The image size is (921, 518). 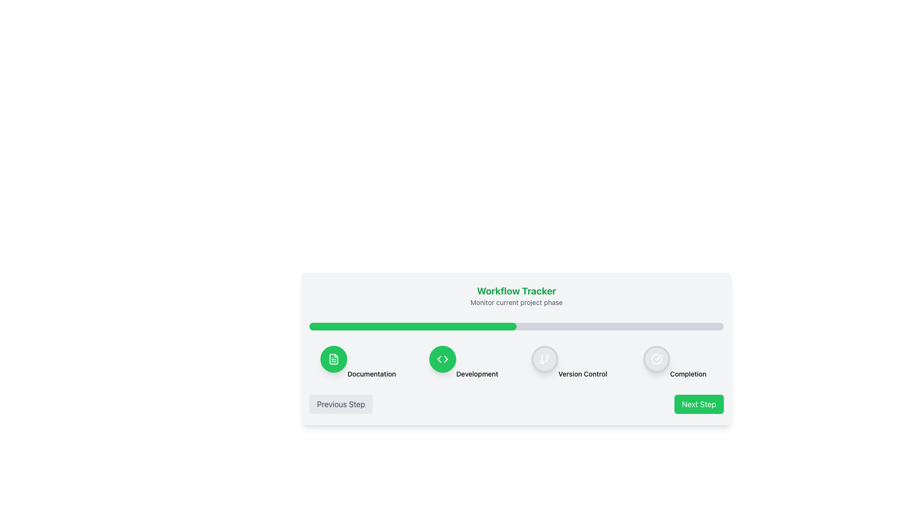 What do you see at coordinates (334, 359) in the screenshot?
I see `the 'Documentation' icon` at bounding box center [334, 359].